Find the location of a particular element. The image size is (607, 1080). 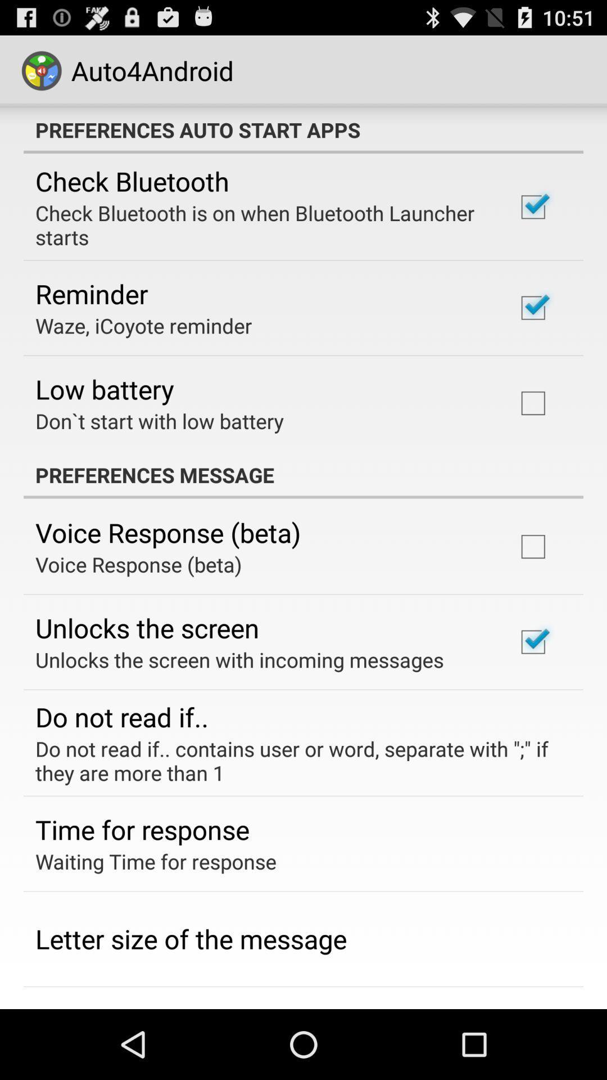

item below the low battery app is located at coordinates (159, 420).